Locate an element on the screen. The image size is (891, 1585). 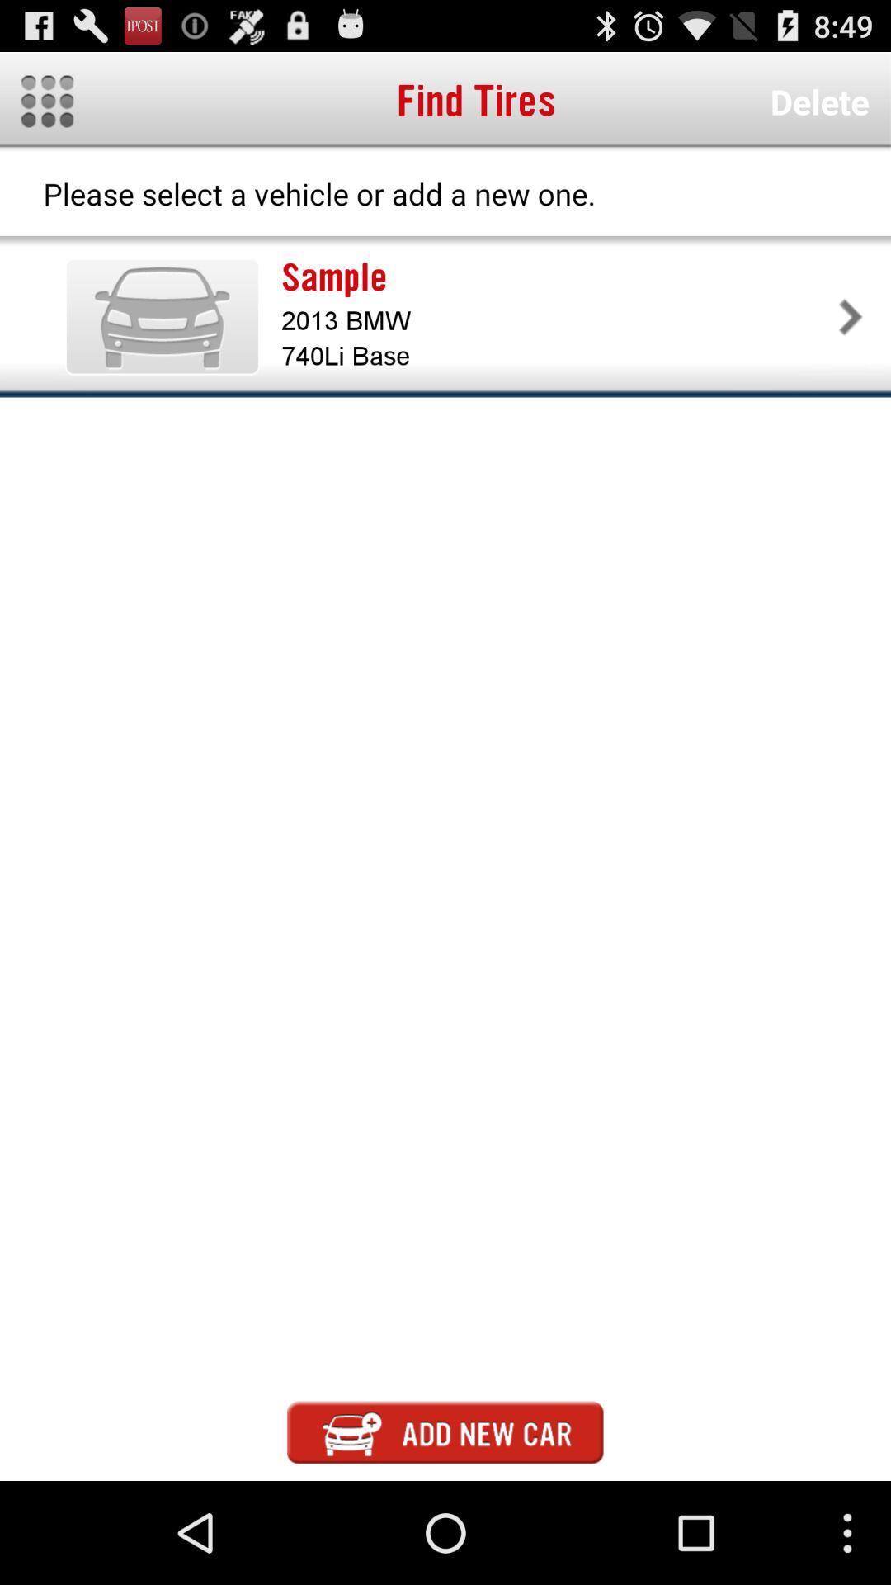
thumbnail images is located at coordinates (46, 101).